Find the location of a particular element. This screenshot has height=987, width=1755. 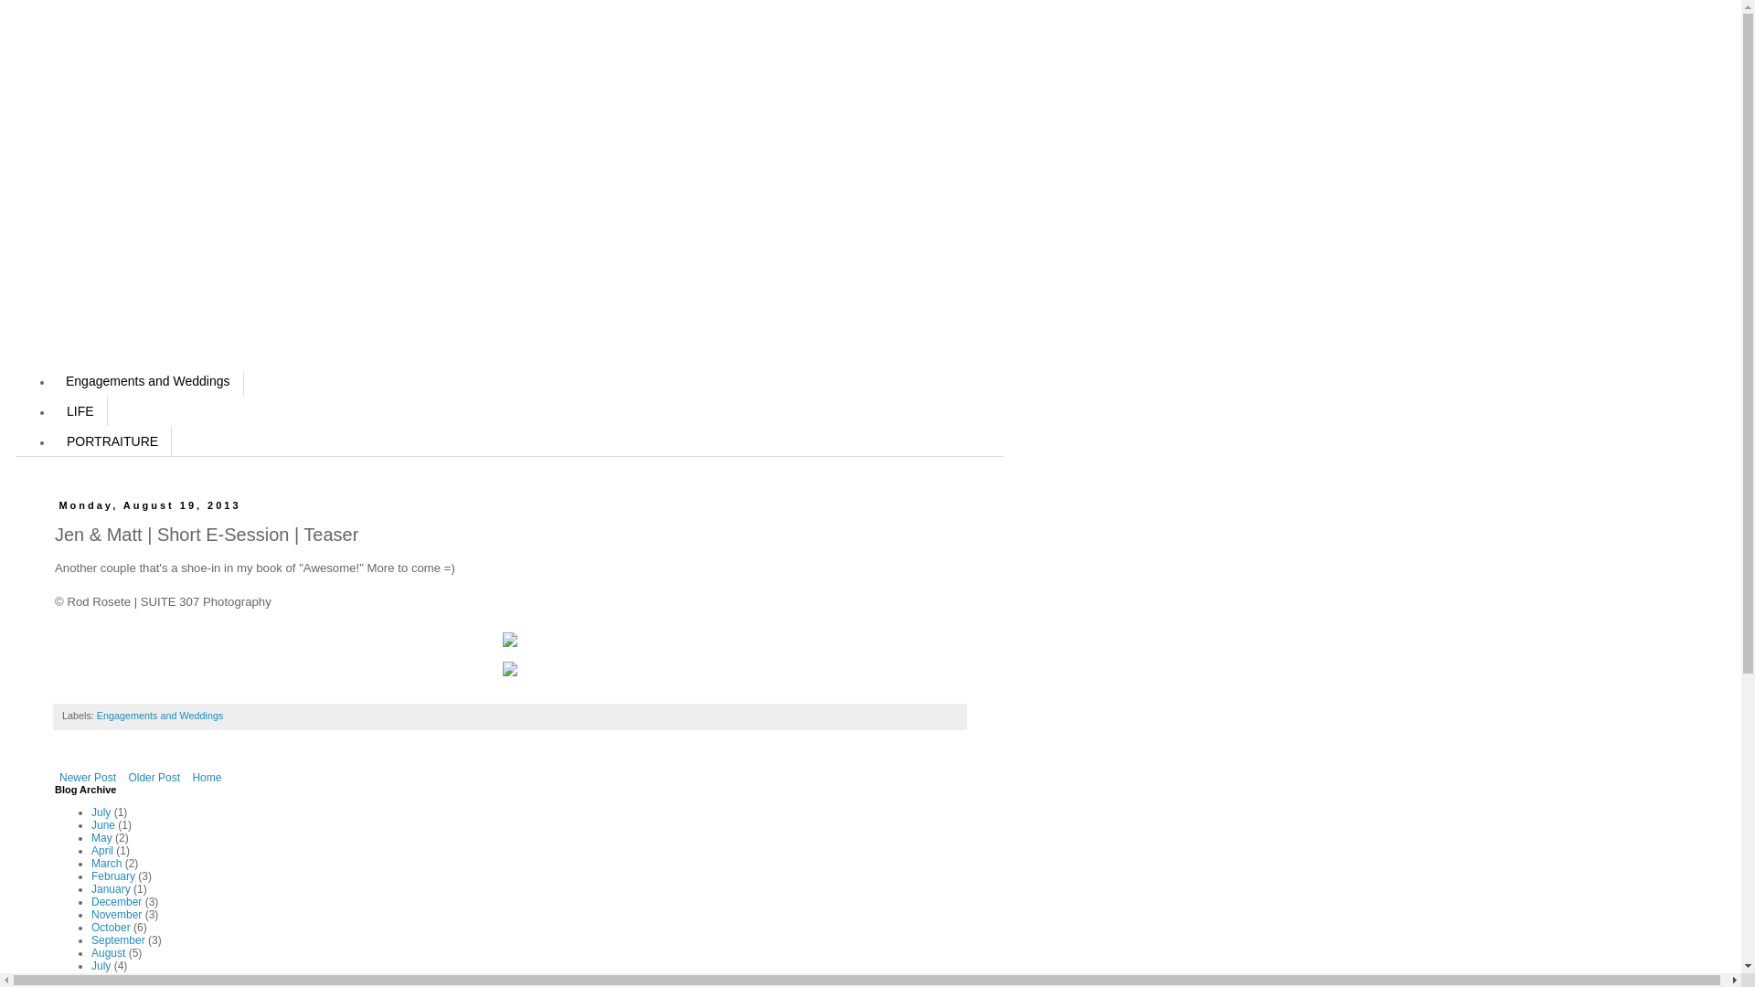

'Newer Post' is located at coordinates (87, 778).